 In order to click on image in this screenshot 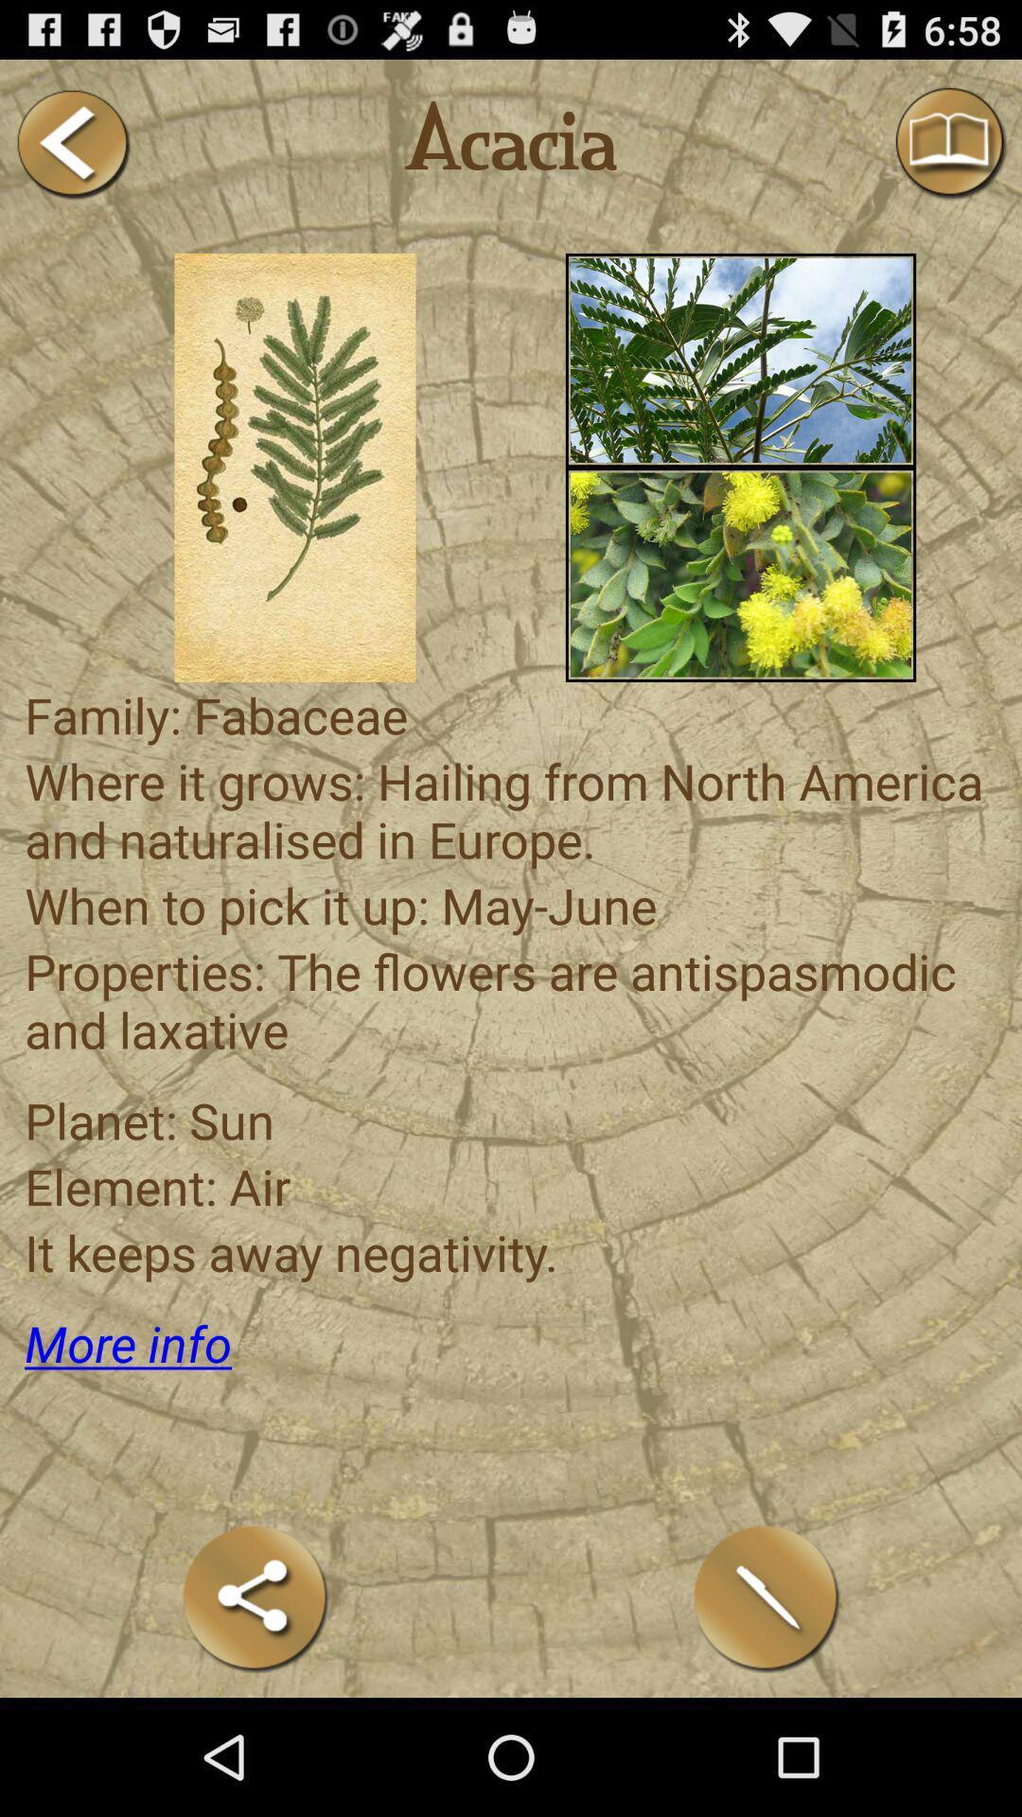, I will do `click(740, 573)`.